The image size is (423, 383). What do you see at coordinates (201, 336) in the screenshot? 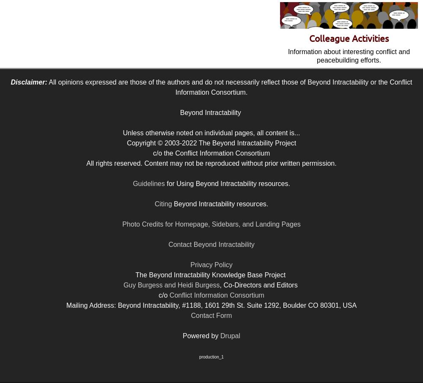
I see `'Powered by'` at bounding box center [201, 336].